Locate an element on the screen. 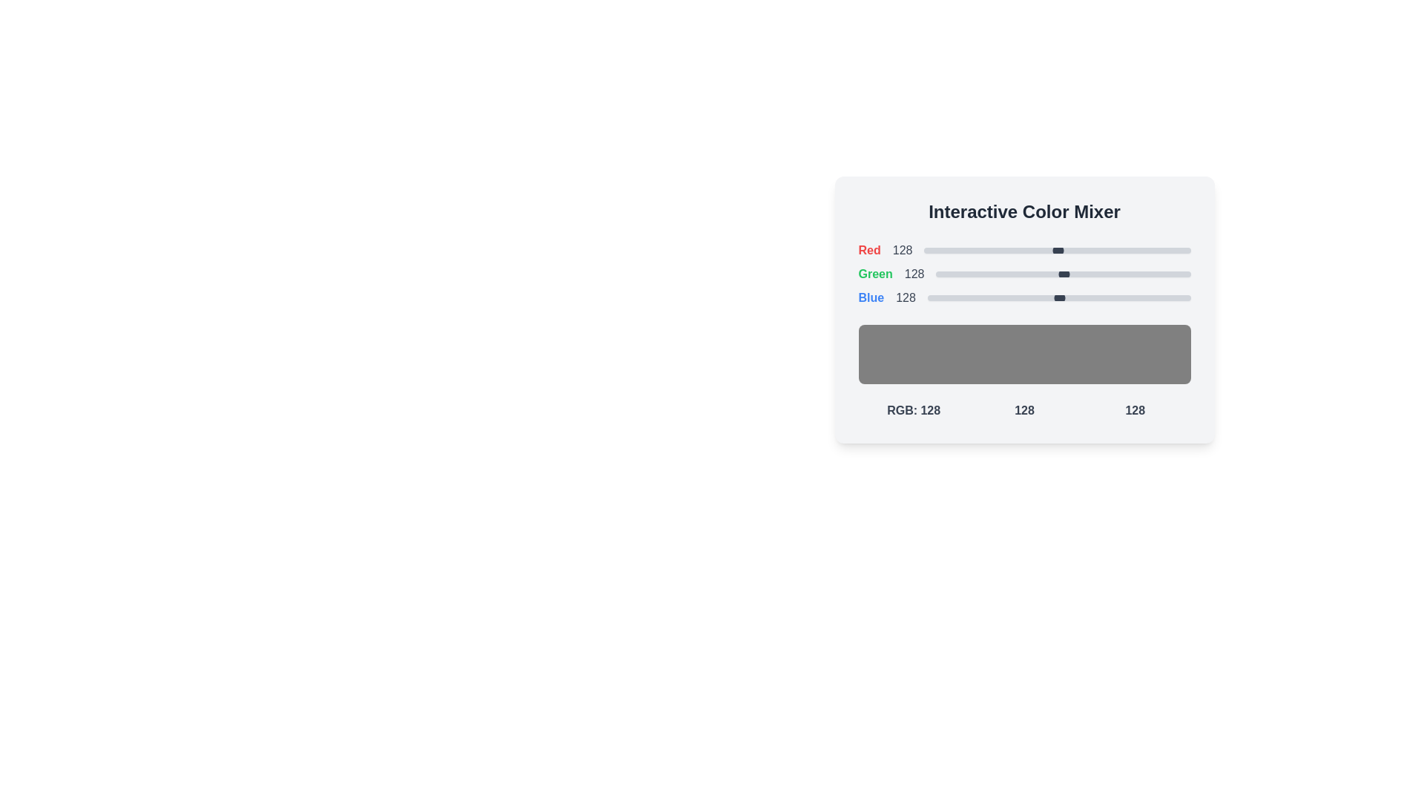 The height and width of the screenshot is (801, 1424). the visual display area, which is a mid-gray rectangular area with rounded corners located below the RGB sliders and above the RGB values display is located at coordinates (1023, 355).